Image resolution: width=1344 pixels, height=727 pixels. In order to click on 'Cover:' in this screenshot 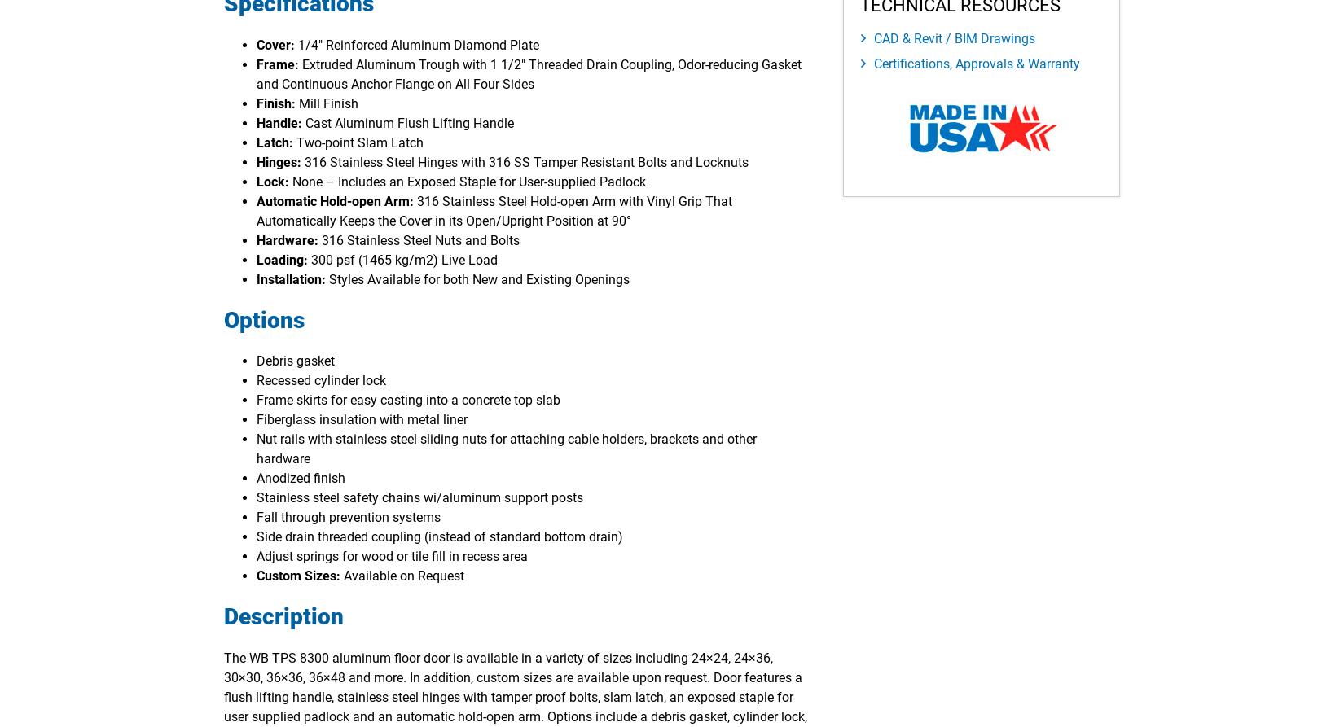, I will do `click(256, 44)`.